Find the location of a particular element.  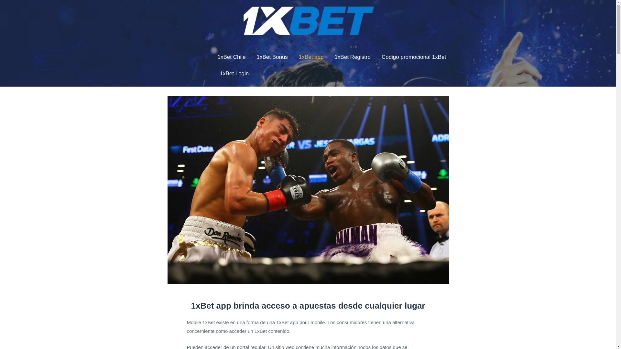

'1xBet Bonus' is located at coordinates (272, 57).